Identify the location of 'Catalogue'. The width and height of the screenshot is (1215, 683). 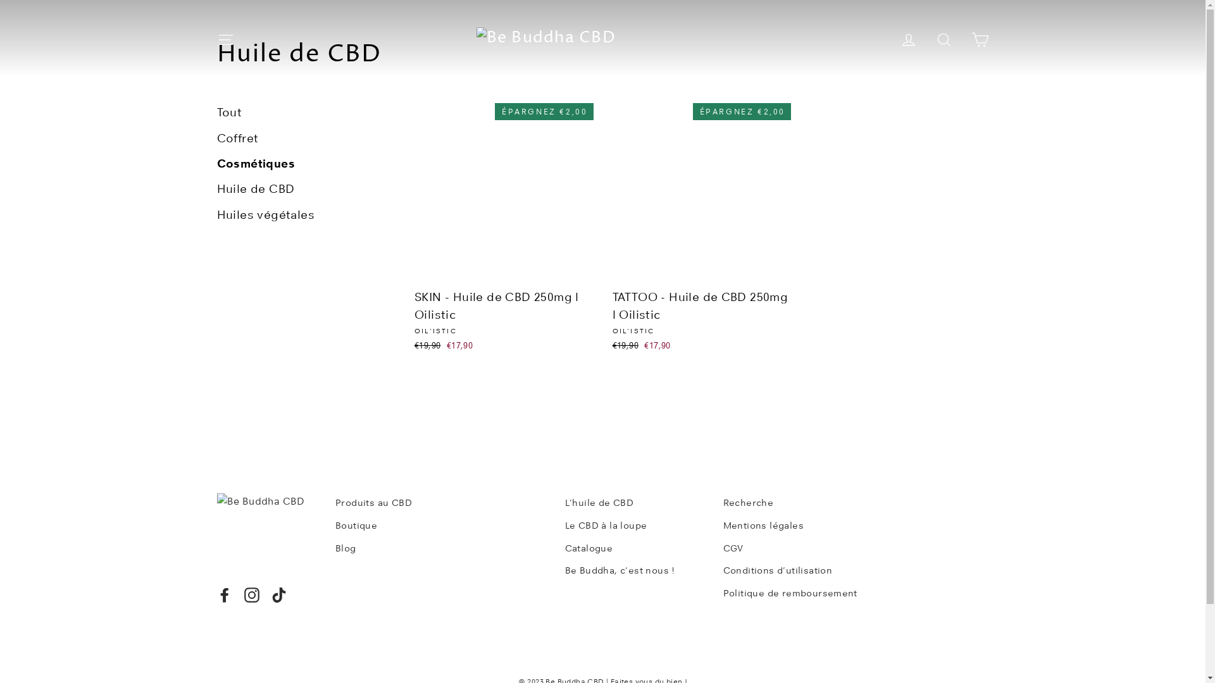
(634, 548).